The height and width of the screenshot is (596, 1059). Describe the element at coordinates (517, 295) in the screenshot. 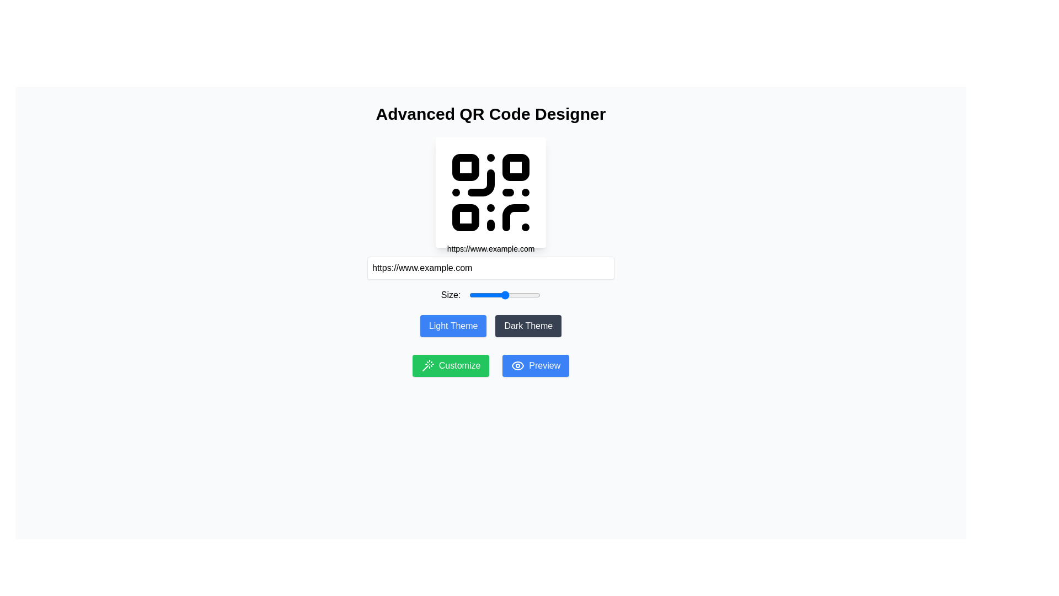

I see `the size value` at that location.